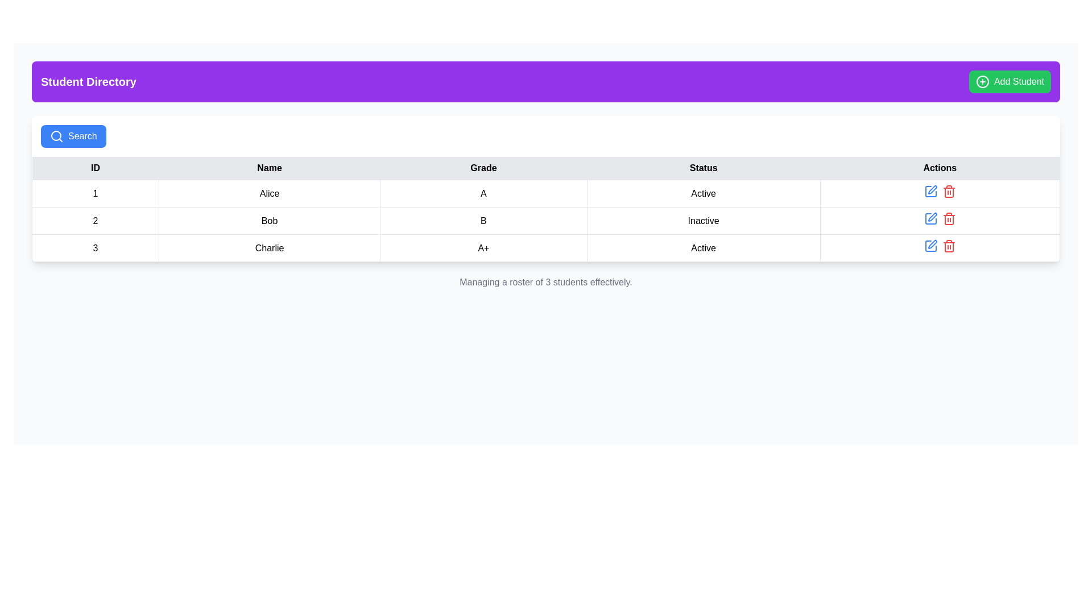 Image resolution: width=1092 pixels, height=614 pixels. Describe the element at coordinates (269, 168) in the screenshot. I see `the 'Name' header label in the table, which is the second cell in the header row between the 'ID' and 'Grade' columns` at that location.